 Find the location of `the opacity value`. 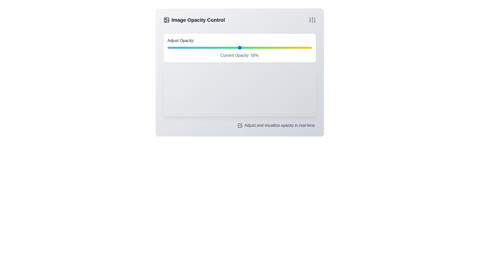

the opacity value is located at coordinates (169, 48).